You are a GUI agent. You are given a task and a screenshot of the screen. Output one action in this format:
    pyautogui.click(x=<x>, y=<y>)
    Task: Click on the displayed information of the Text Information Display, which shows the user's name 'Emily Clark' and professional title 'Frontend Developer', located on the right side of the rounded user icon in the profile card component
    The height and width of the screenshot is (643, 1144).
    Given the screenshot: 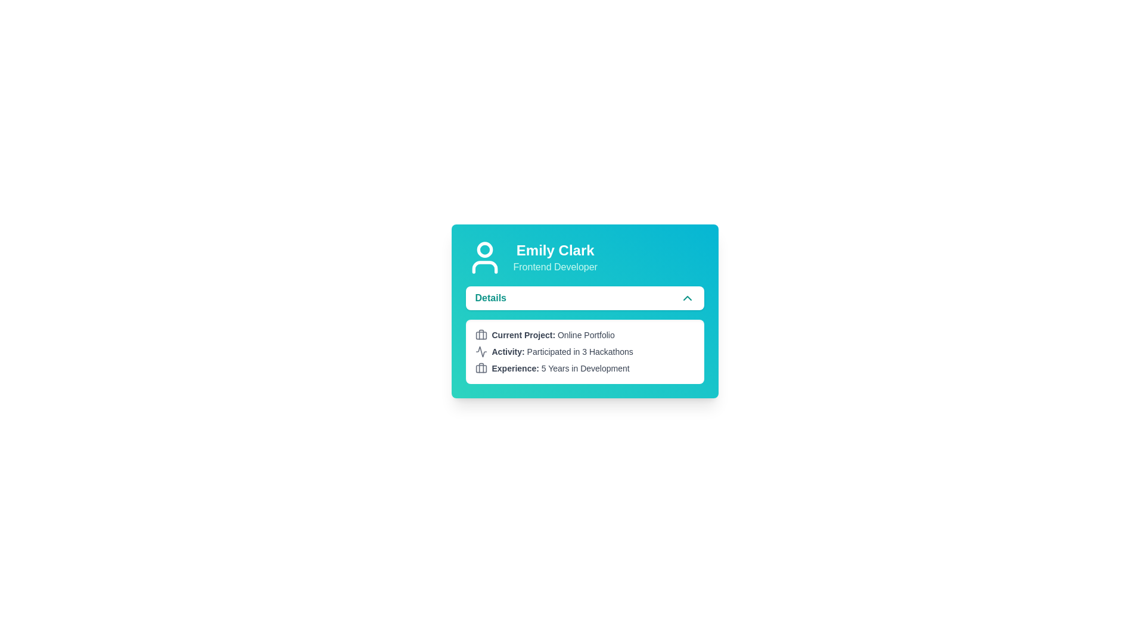 What is the action you would take?
    pyautogui.click(x=555, y=257)
    